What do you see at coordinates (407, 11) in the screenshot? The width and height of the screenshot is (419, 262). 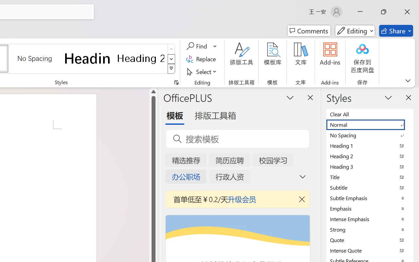 I see `'Close'` at bounding box center [407, 11].